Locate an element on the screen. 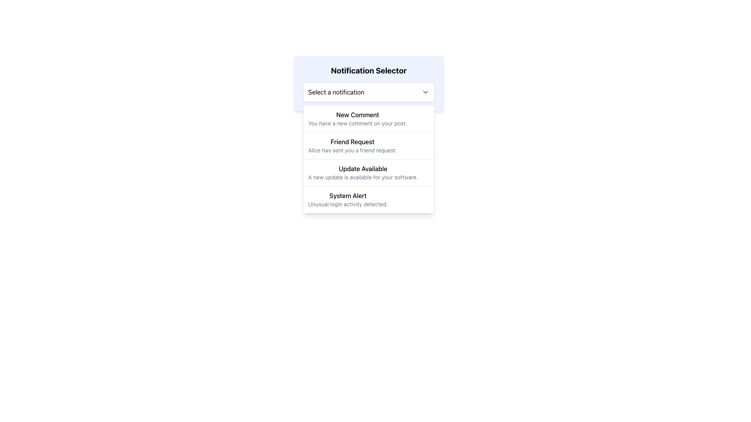  the text label that says 'A new update is available for your software.' located beneath the 'Update Available' heading in the Notification Selector dropdown menu is located at coordinates (363, 177).